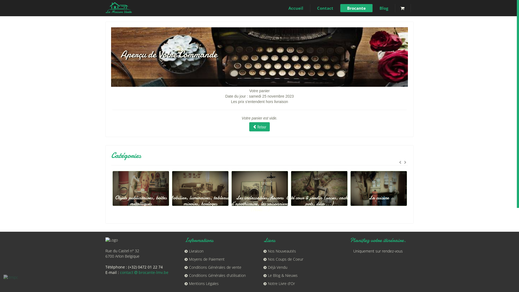 Image resolution: width=519 pixels, height=292 pixels. I want to click on 'Contact', so click(325, 8).